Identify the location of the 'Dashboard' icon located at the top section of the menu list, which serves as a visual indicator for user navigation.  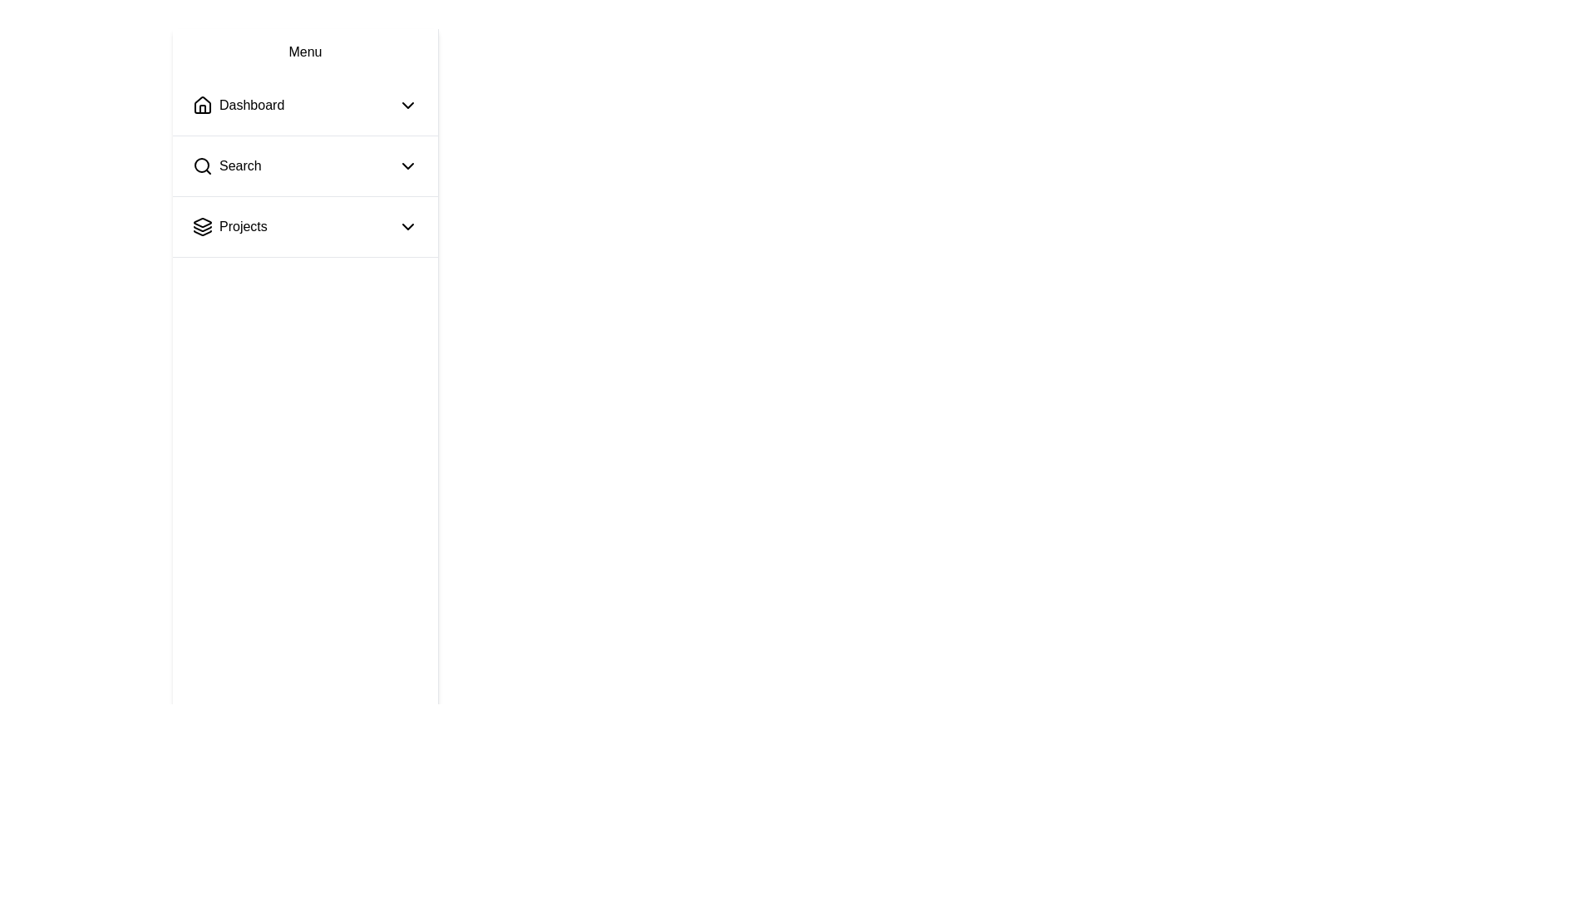
(202, 106).